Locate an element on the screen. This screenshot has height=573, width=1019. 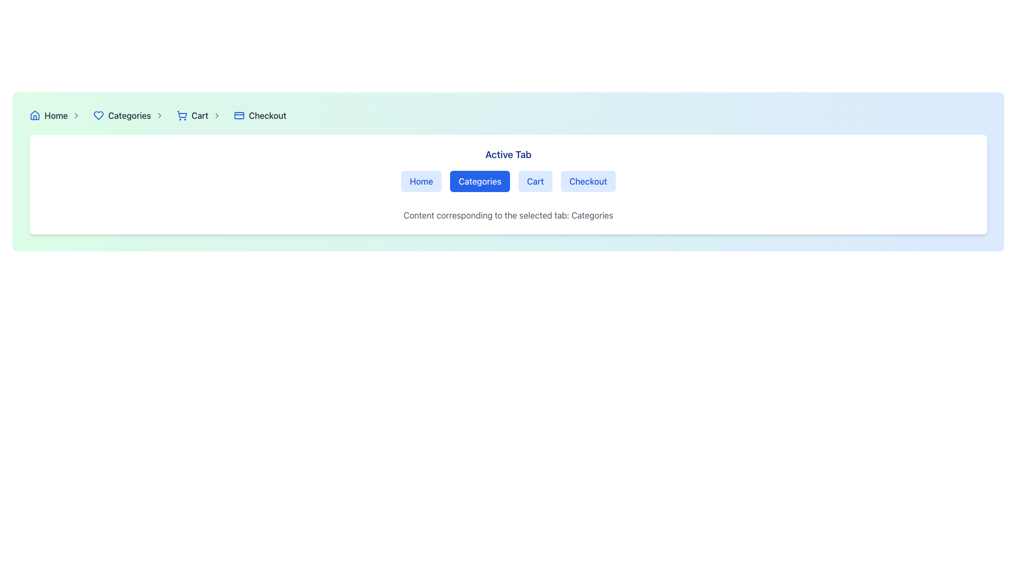
the first button in the 'Active Tab' navigation section is located at coordinates (421, 181).